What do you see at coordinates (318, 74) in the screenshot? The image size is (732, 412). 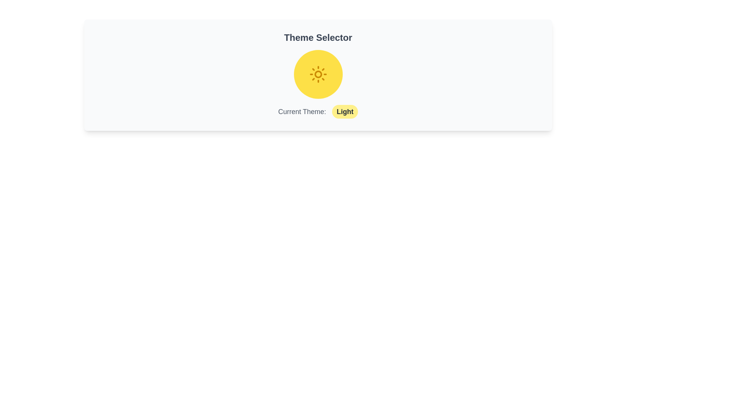 I see `the circular yellow button with a sun icon, located below the 'Theme Selector' title and above the 'Current Theme: Light' label` at bounding box center [318, 74].